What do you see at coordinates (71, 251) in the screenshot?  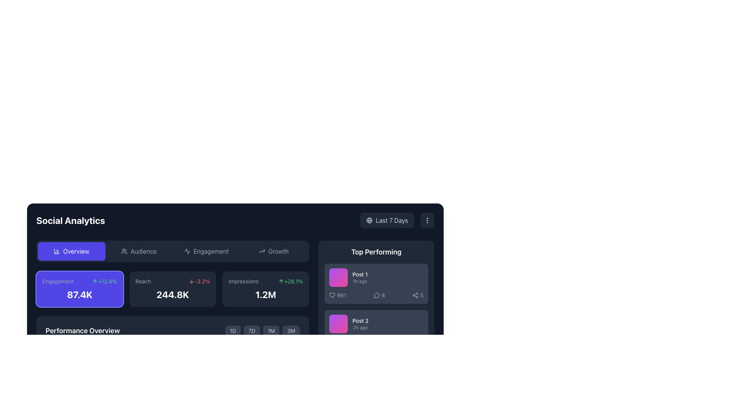 I see `the first navigation button at the top of the interface` at bounding box center [71, 251].